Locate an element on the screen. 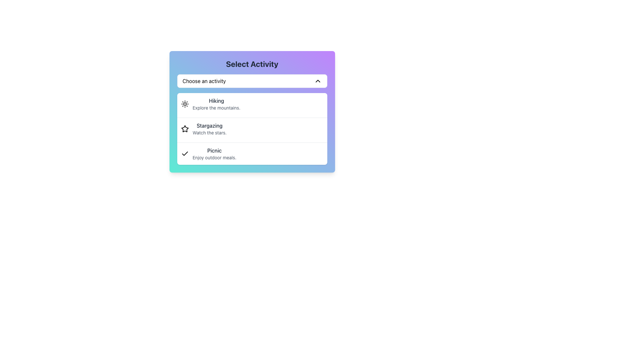  the check mark icon located in the 'Picnic' row of the list under 'Select Activity' to trigger a hover effect is located at coordinates (184, 153).